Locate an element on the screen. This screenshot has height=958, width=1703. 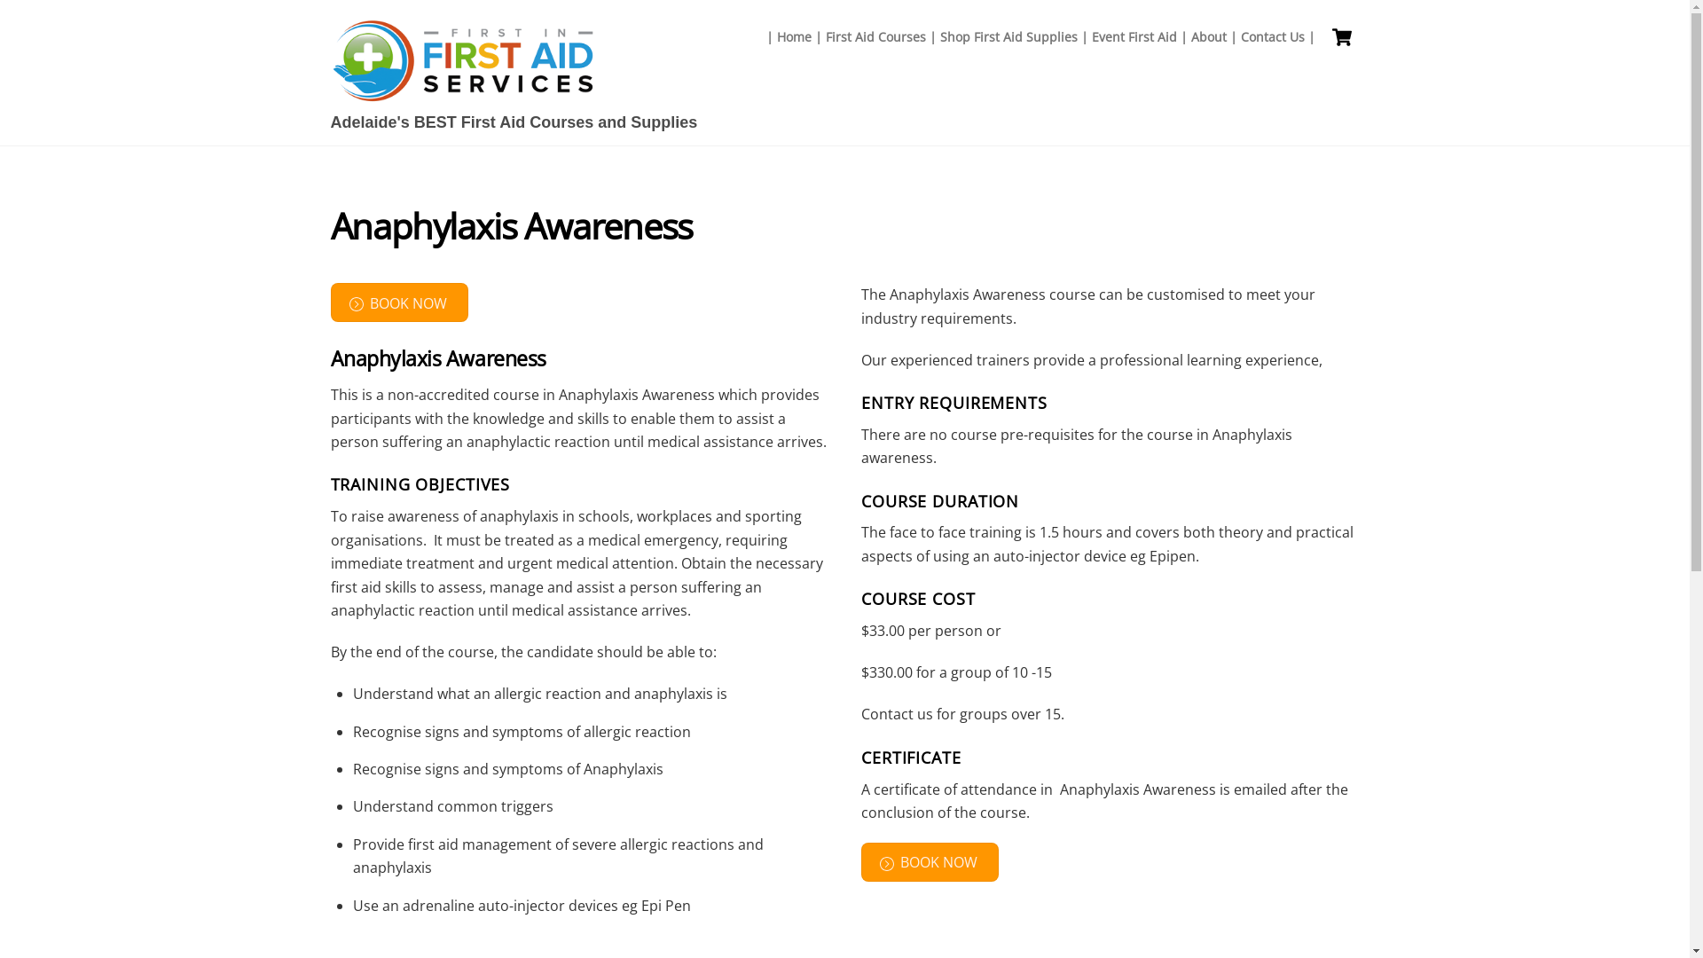
'About |' is located at coordinates (1213, 37).